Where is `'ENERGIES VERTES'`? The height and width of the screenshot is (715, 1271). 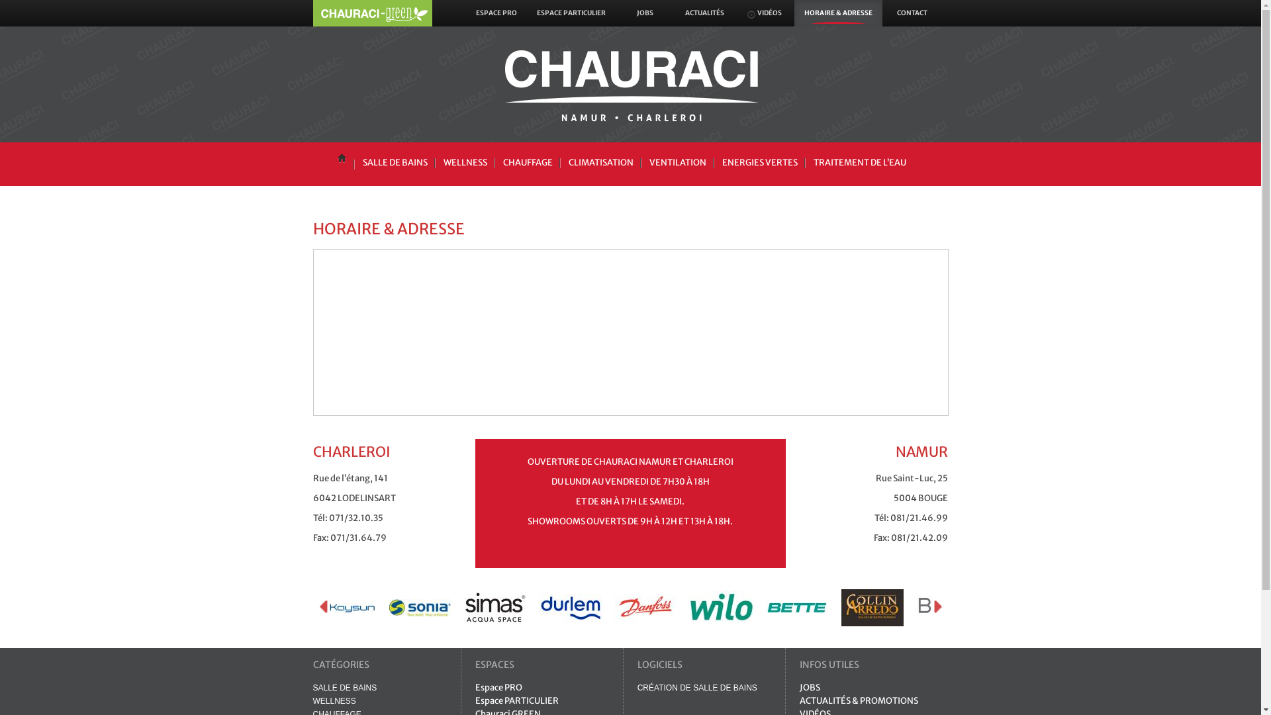
'ENERGIES VERTES' is located at coordinates (759, 162).